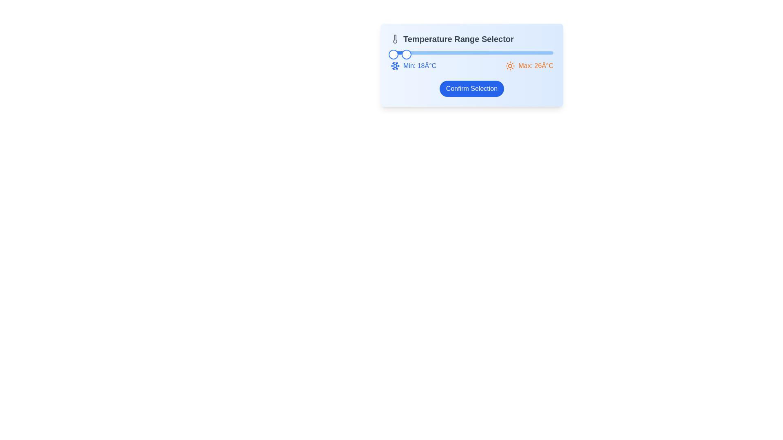 The height and width of the screenshot is (440, 783). Describe the element at coordinates (413, 66) in the screenshot. I see `the label indicating the minimum temperature value, which is positioned next to the blue progress bar and aligned with 'Max: 26°C'` at that location.